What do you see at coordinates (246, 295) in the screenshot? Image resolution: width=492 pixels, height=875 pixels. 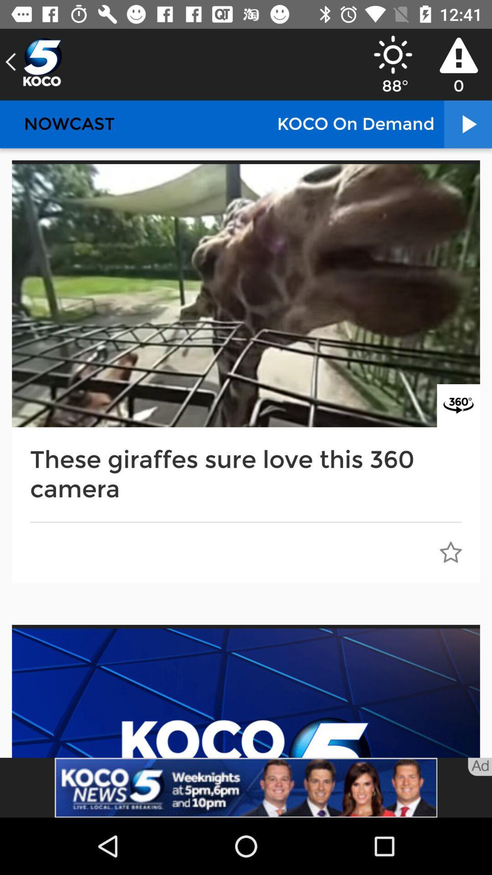 I see `the image below nowcast` at bounding box center [246, 295].